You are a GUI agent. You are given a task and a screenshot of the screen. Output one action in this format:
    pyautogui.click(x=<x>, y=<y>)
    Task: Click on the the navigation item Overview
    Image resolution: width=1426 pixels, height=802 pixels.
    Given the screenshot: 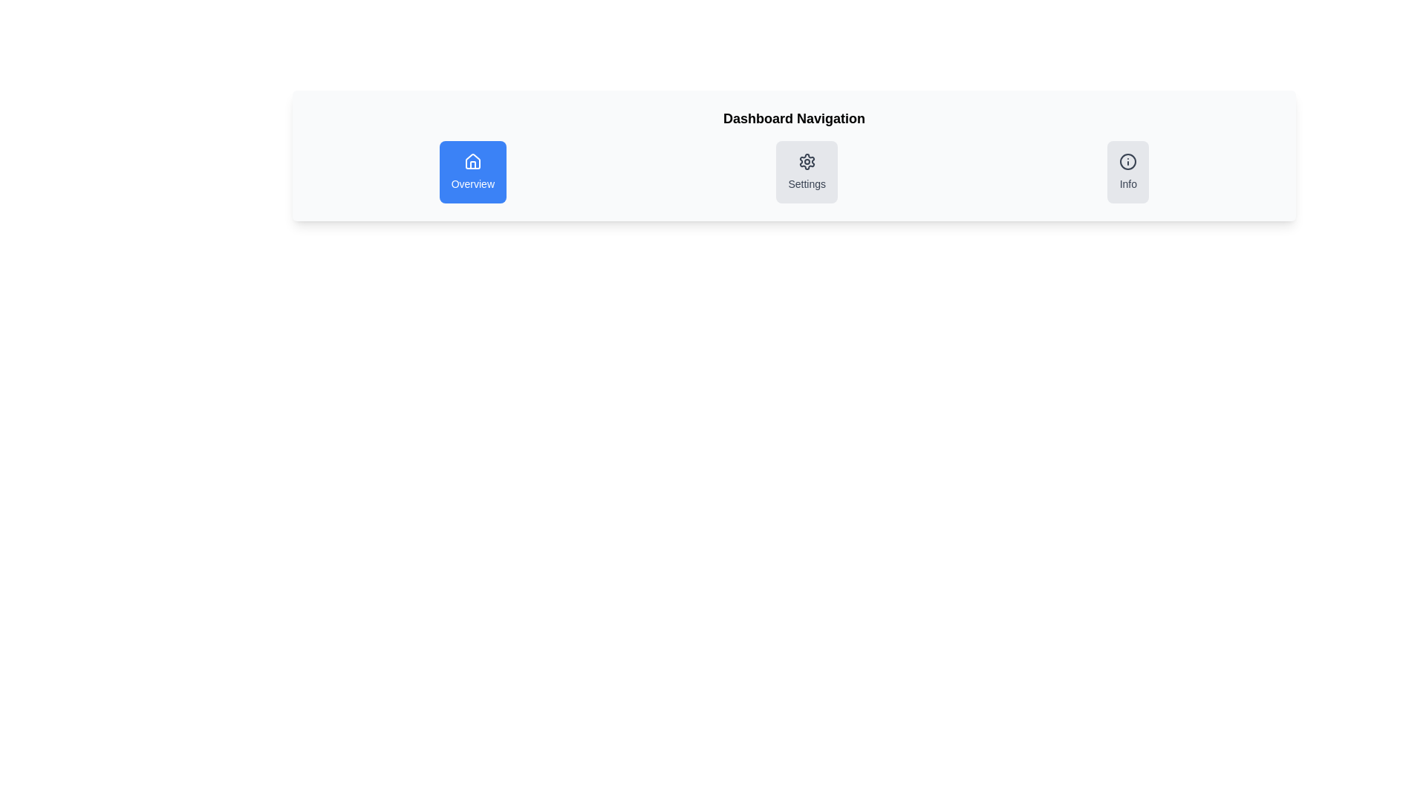 What is the action you would take?
    pyautogui.click(x=472, y=171)
    